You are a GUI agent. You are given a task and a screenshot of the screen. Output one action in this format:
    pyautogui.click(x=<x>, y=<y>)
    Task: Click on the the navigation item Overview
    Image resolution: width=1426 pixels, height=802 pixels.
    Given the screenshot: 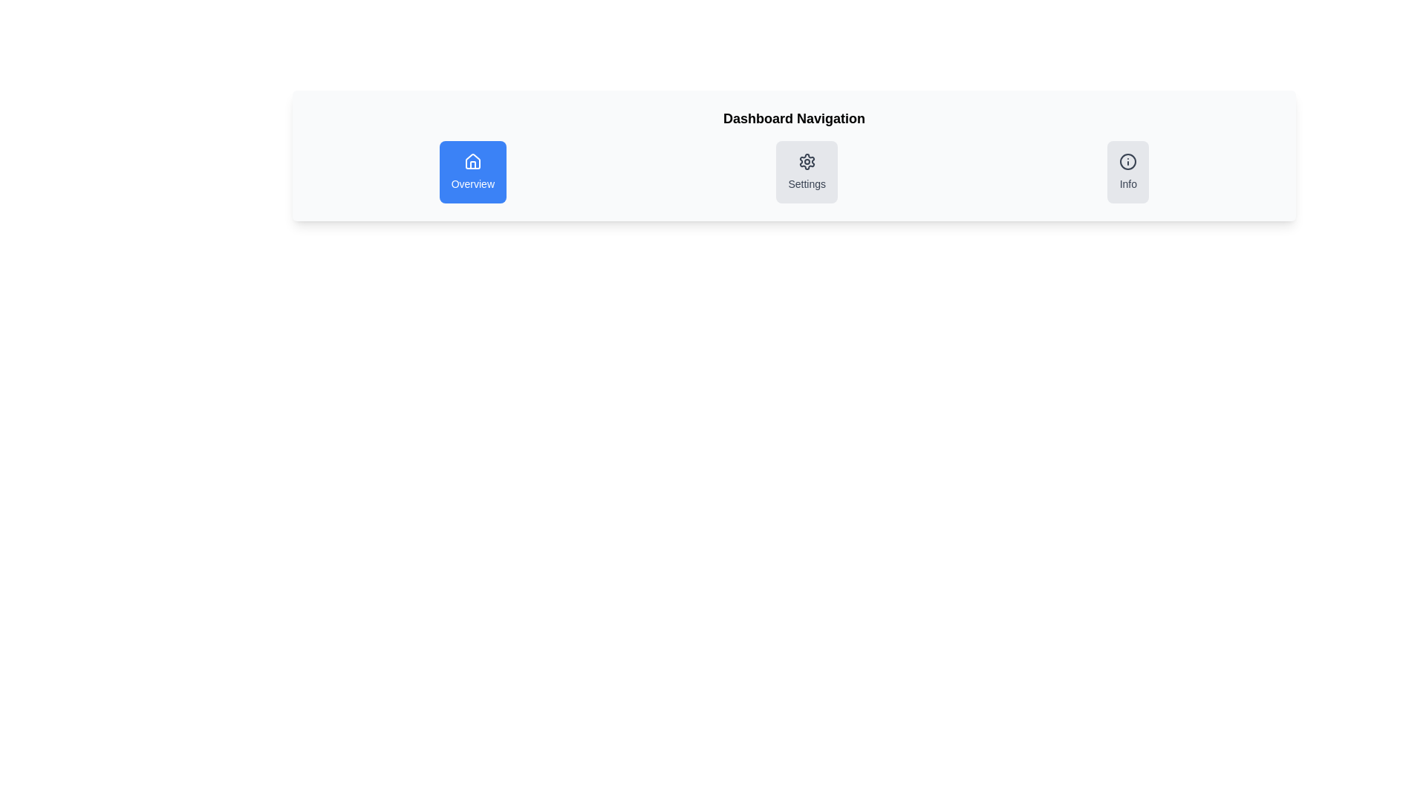 What is the action you would take?
    pyautogui.click(x=472, y=171)
    